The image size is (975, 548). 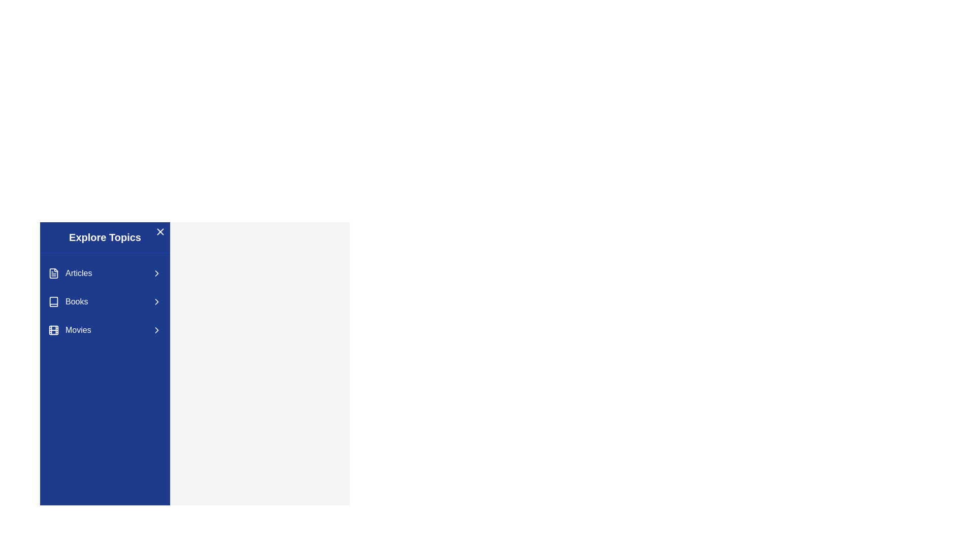 I want to click on the 'chevron-right' icon in the navigation menu, so click(x=156, y=330).